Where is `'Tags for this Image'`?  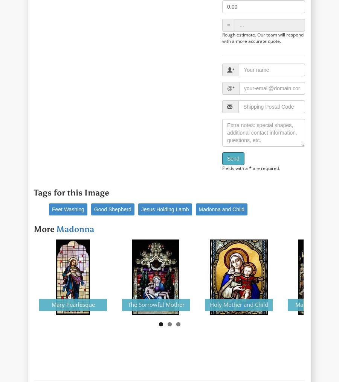 'Tags for this Image' is located at coordinates (71, 192).